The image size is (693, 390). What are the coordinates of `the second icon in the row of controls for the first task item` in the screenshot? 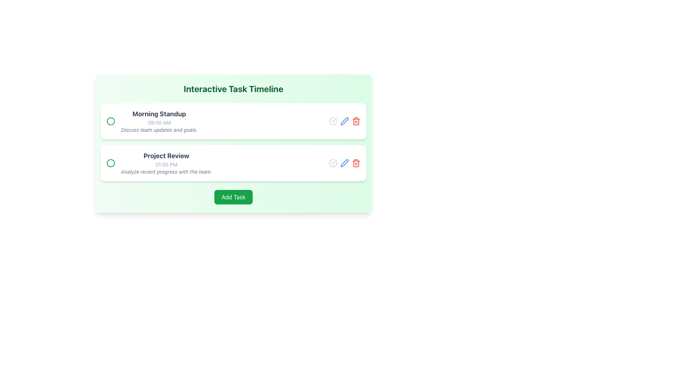 It's located at (344, 121).